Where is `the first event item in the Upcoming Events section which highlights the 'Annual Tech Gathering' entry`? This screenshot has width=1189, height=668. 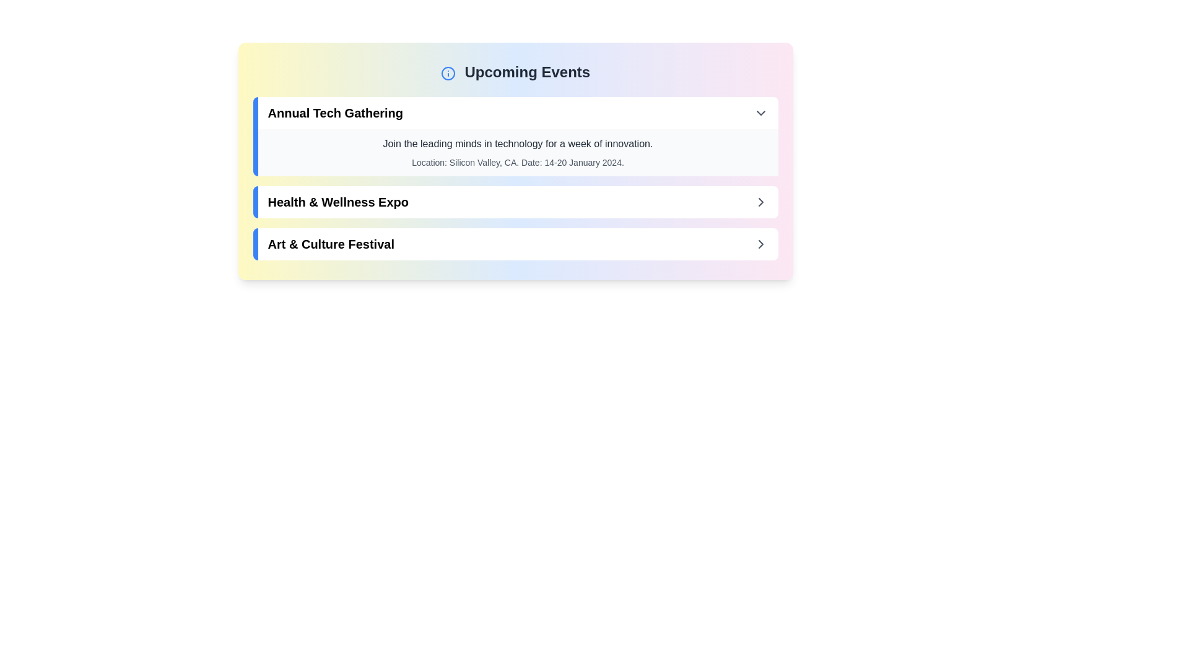
the first event item in the Upcoming Events section which highlights the 'Annual Tech Gathering' entry is located at coordinates (515, 179).